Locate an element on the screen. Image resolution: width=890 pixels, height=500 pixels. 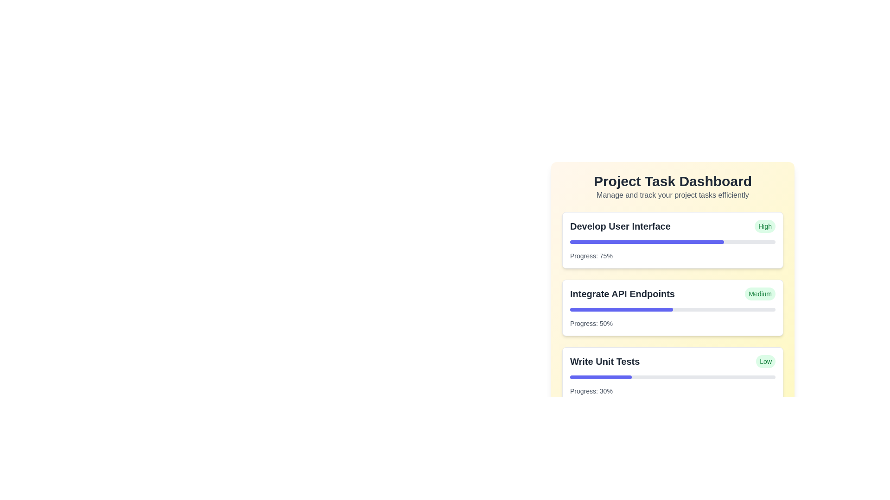
the progress bar element within the card layout titled 'Develop User Interface', located below the text elements 'Progress: 75%' and 'High', to visually represent the current progress is located at coordinates (673, 242).